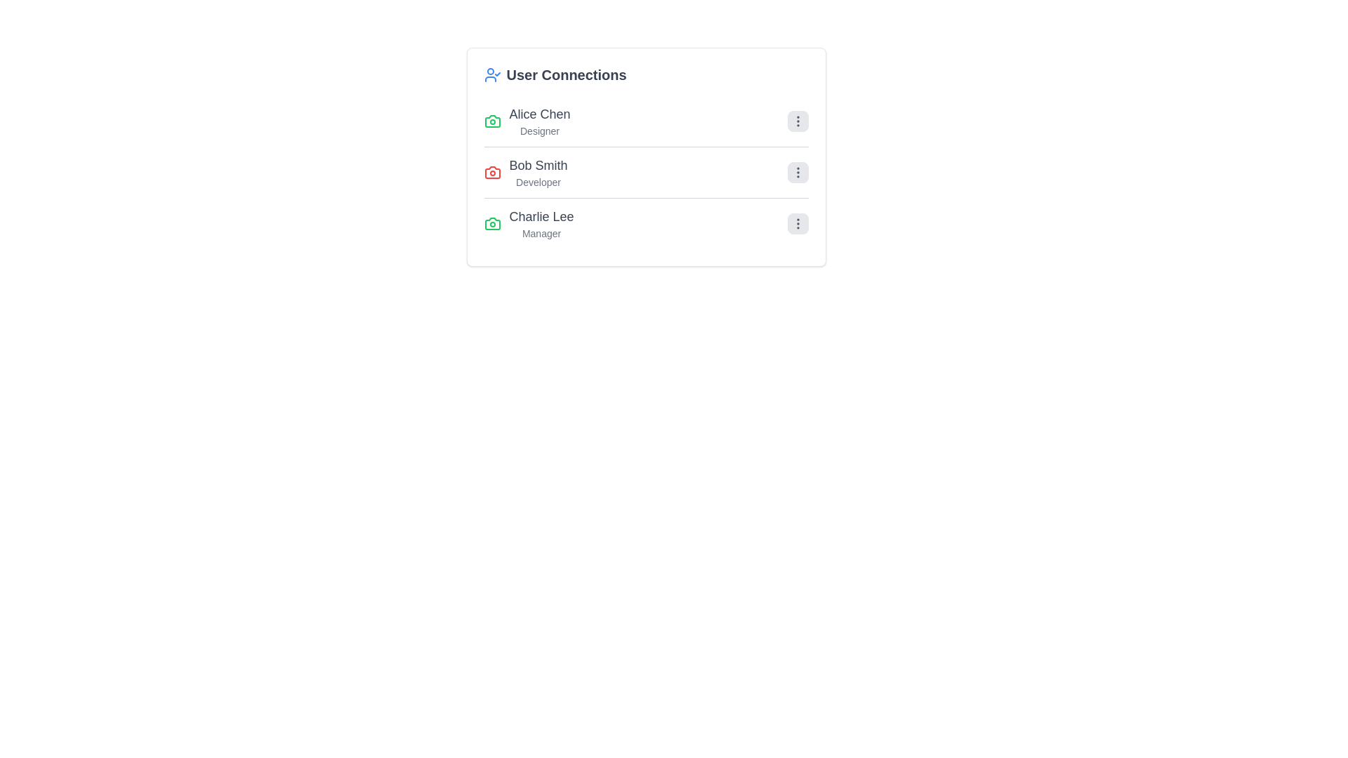 The height and width of the screenshot is (758, 1348). I want to click on the bold text element reading 'User Connections' which is centrally placed at the top of a card structure, to the right of a user-check icon, so click(567, 75).